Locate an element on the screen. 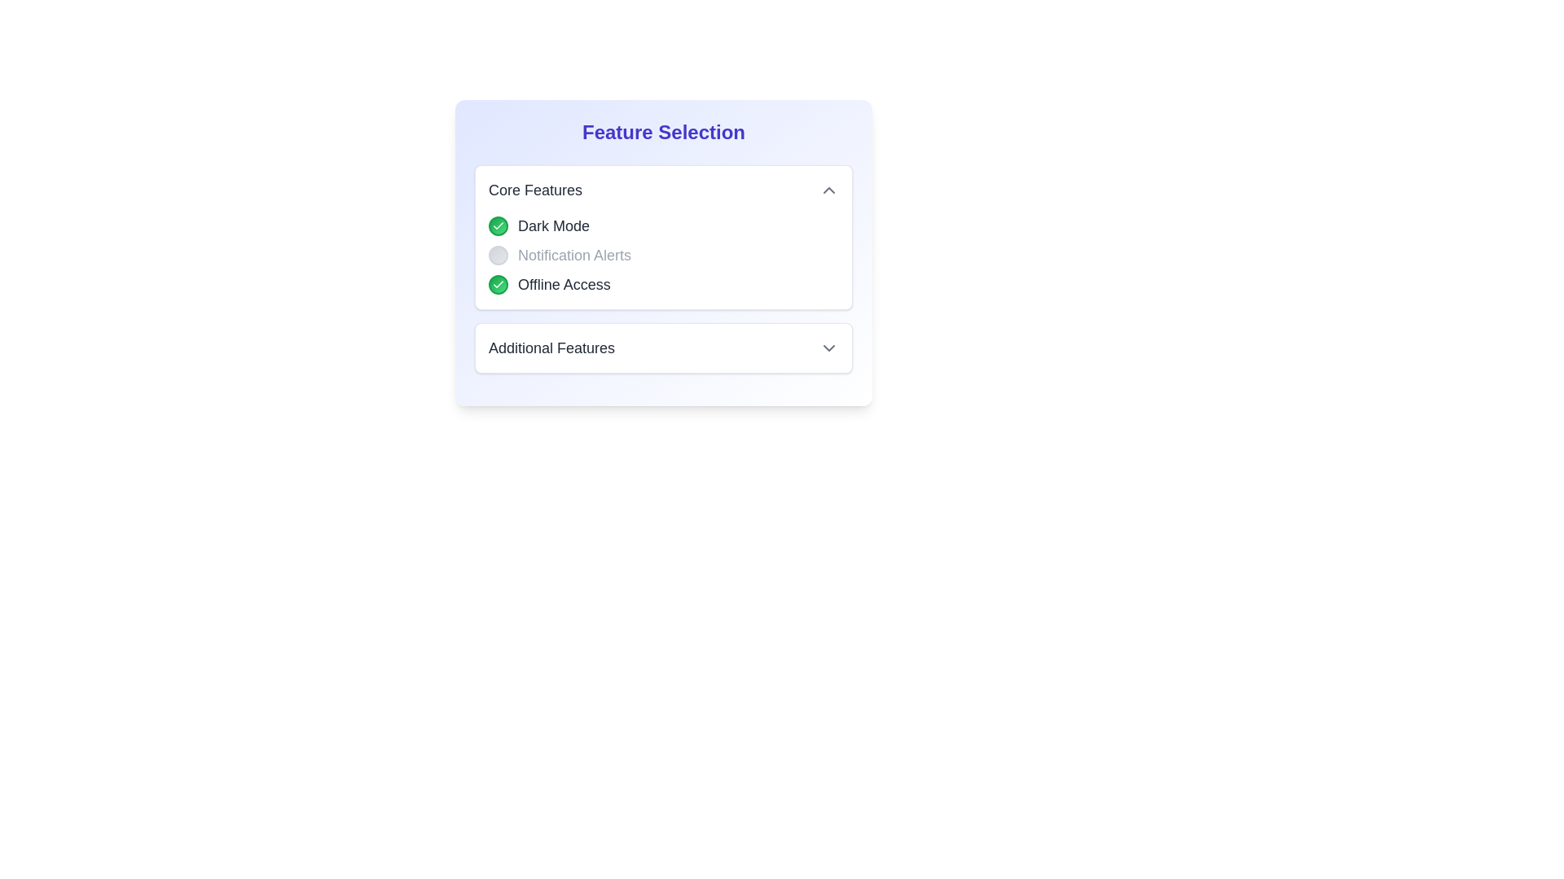 The image size is (1564, 879). the circular green indicator with a checkmark symbol located to the left of the 'Offline Access' label in the 'Core Features' section, which is the third feature indicator in the list is located at coordinates (497, 284).